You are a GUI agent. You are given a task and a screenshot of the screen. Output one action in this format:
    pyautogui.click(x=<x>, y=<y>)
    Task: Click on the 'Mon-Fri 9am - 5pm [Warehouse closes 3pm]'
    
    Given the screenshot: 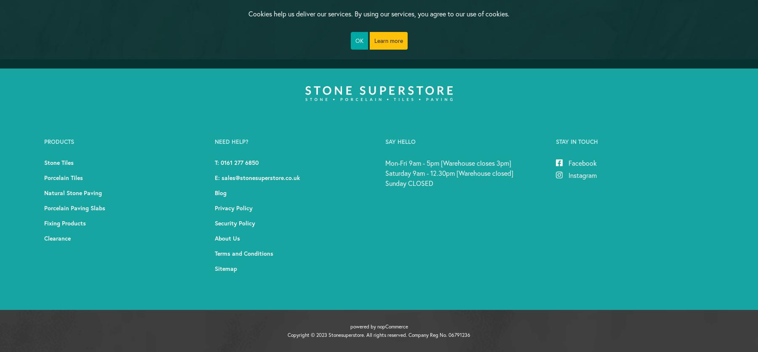 What is the action you would take?
    pyautogui.click(x=448, y=162)
    